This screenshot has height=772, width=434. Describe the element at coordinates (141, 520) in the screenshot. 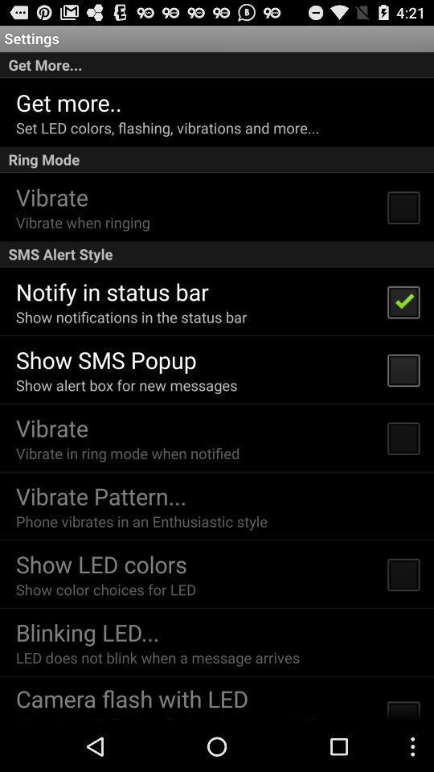

I see `the app below the vibrate pattern... icon` at that location.